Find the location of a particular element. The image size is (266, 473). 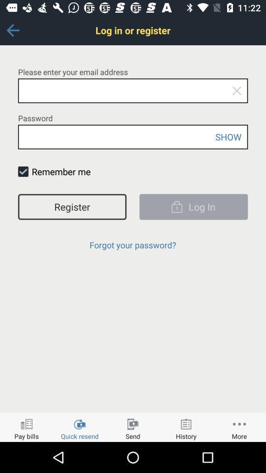

app to the left of log in or icon is located at coordinates (12, 30).